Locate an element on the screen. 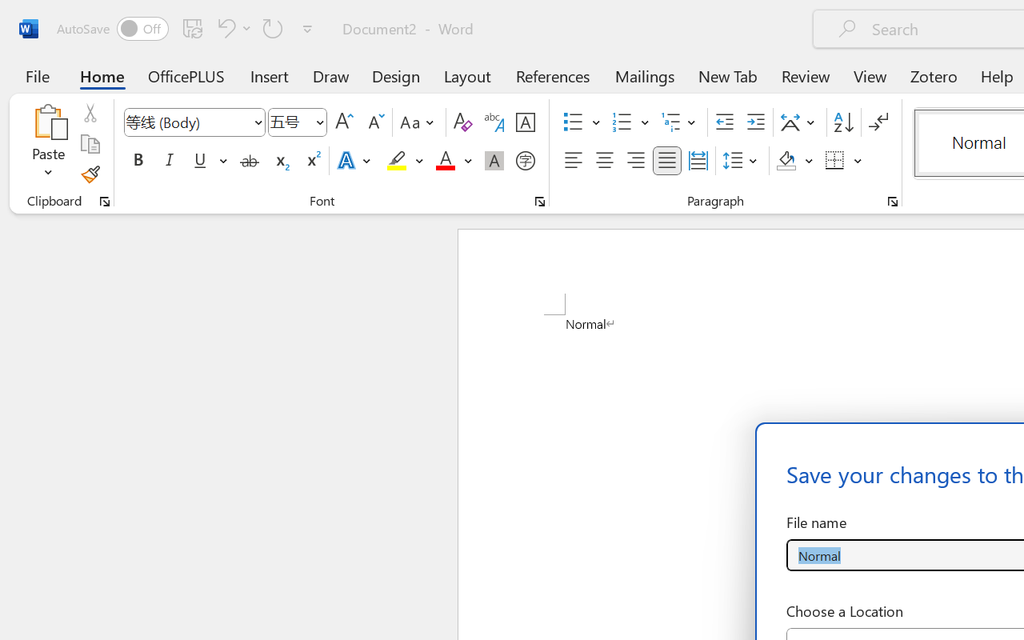 Image resolution: width=1024 pixels, height=640 pixels. 'Mailings' is located at coordinates (645, 75).